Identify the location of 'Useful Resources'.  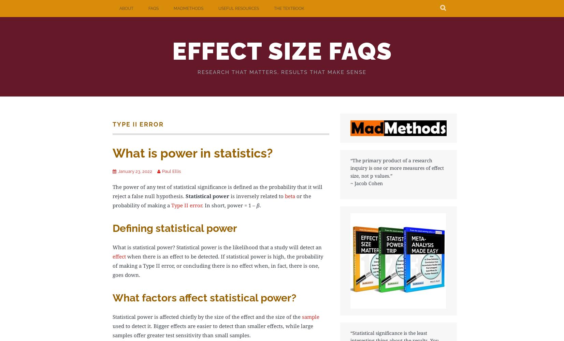
(218, 9).